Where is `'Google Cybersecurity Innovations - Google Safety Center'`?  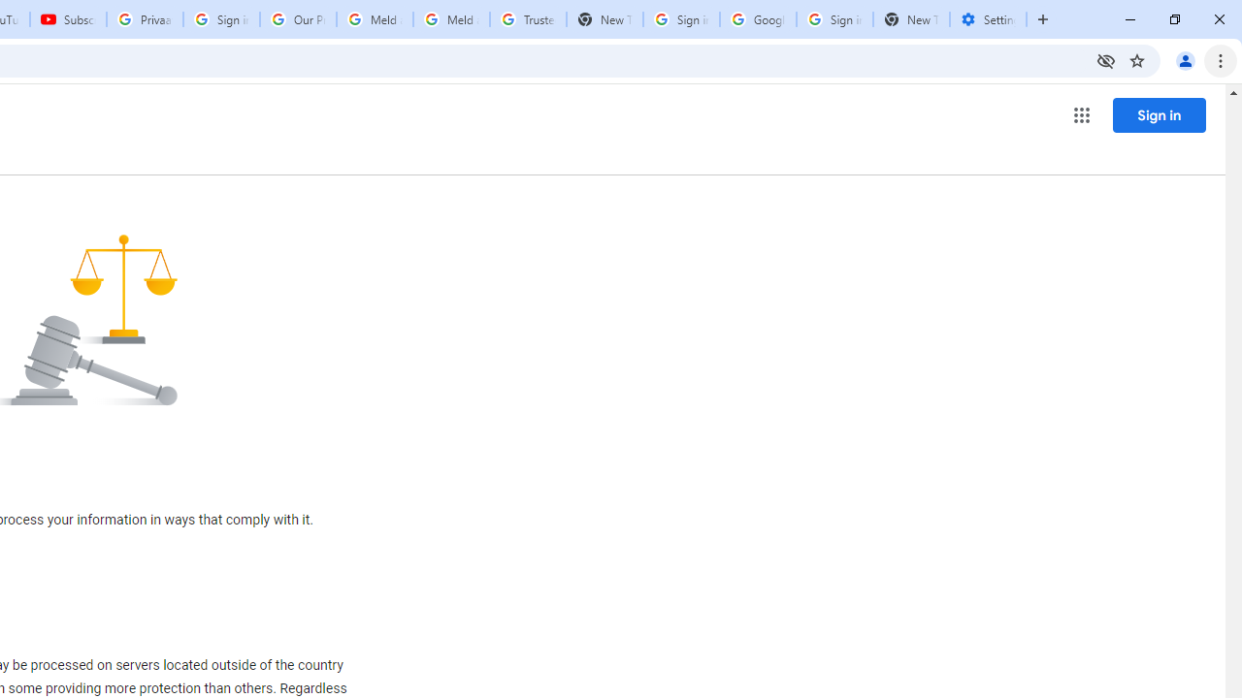
'Google Cybersecurity Innovations - Google Safety Center' is located at coordinates (757, 19).